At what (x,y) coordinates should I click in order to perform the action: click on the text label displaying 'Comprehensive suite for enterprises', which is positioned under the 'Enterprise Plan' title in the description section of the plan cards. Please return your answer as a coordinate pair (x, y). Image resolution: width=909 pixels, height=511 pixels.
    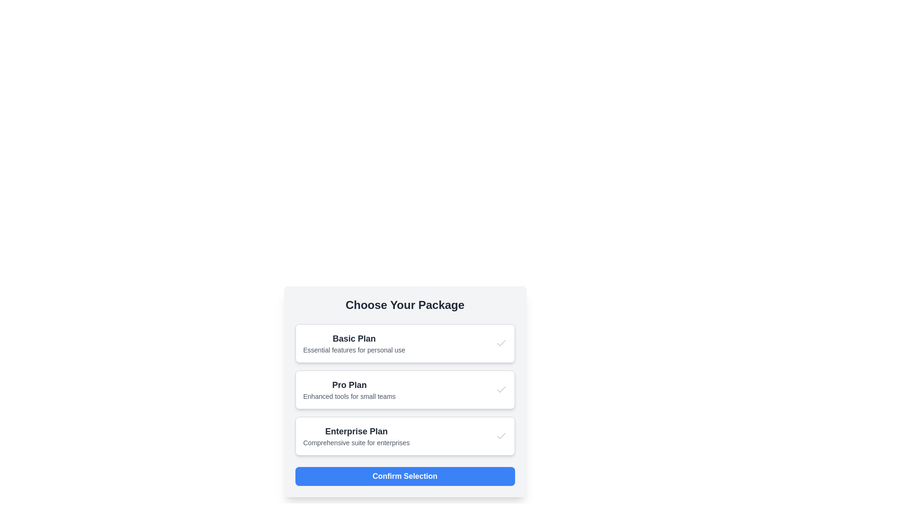
    Looking at the image, I should click on (356, 443).